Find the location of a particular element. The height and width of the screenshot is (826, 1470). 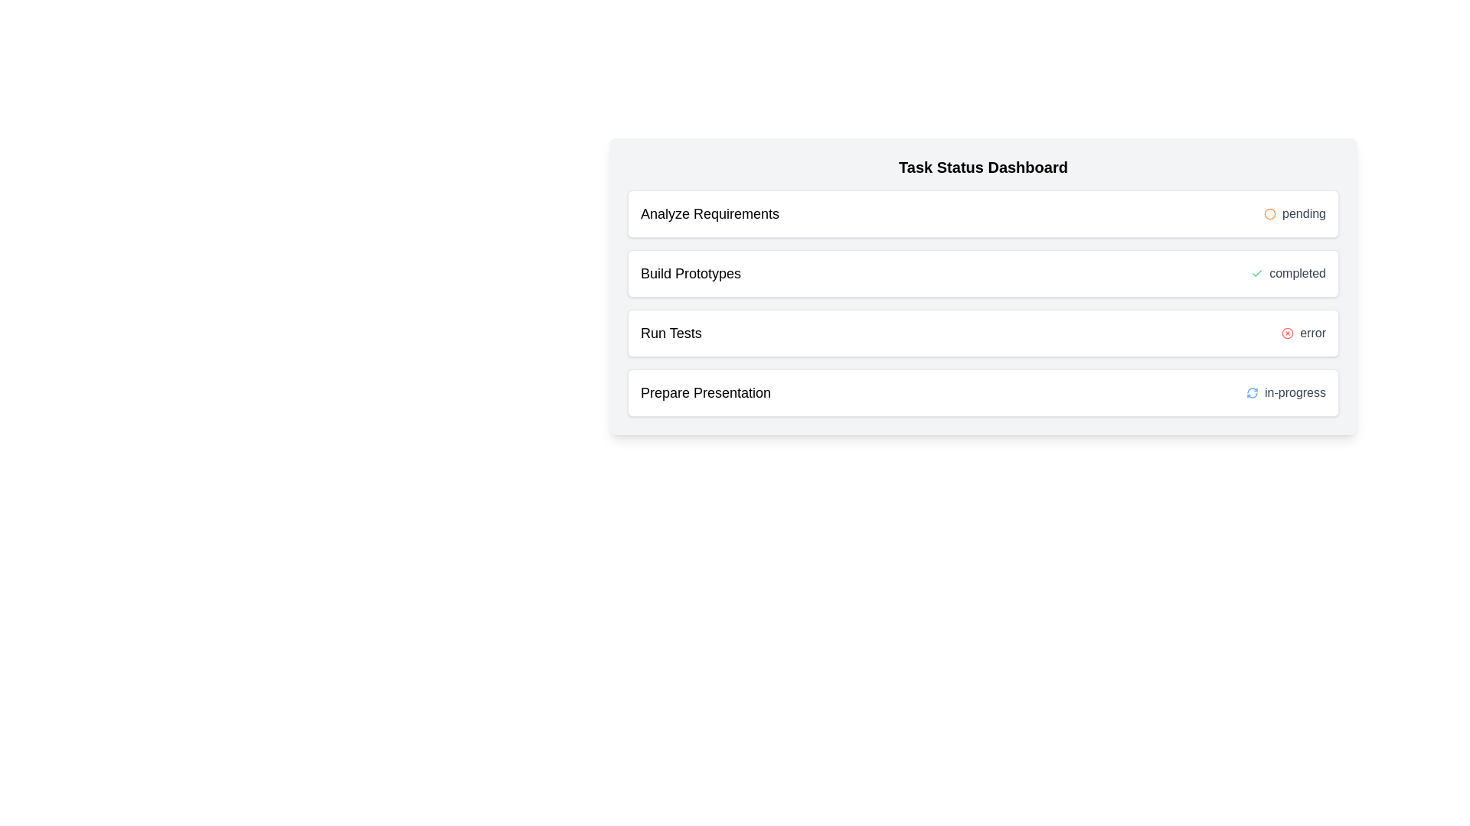

error status icon located in the third row of the task status dashboard, immediately to the left of the text 'error' is located at coordinates (1287, 332).